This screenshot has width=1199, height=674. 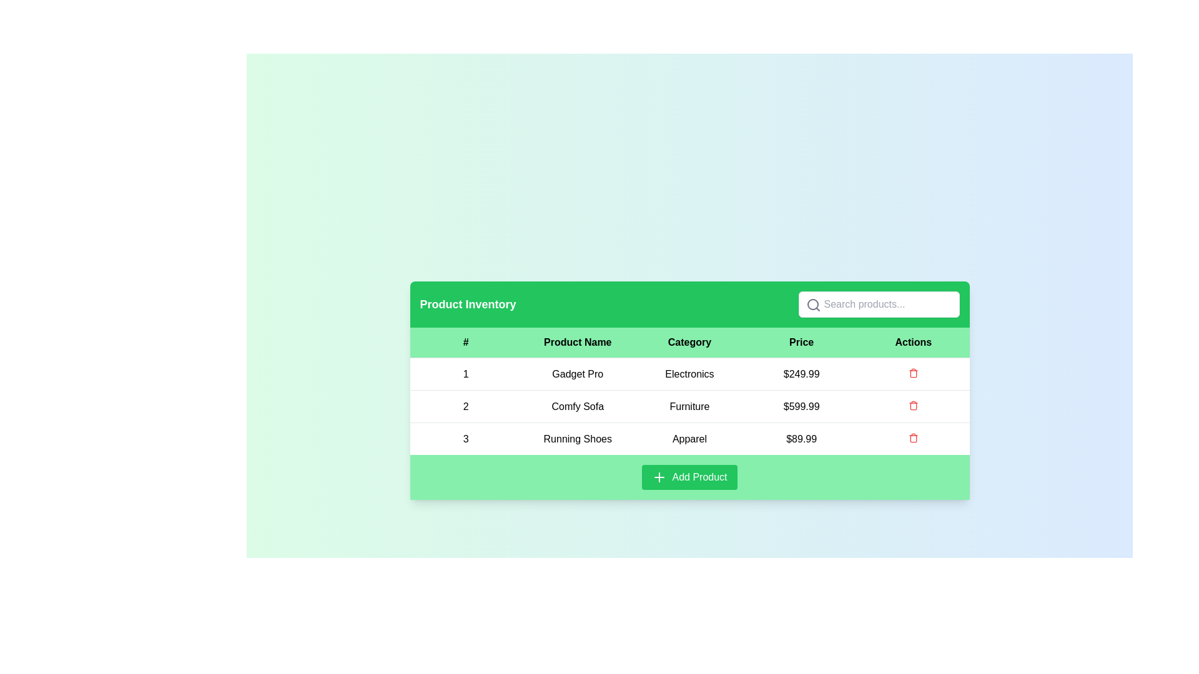 What do you see at coordinates (689, 343) in the screenshot?
I see `the 'Category' header title in the table, which is the third cell in the header row between 'Product Name' and 'Price'` at bounding box center [689, 343].